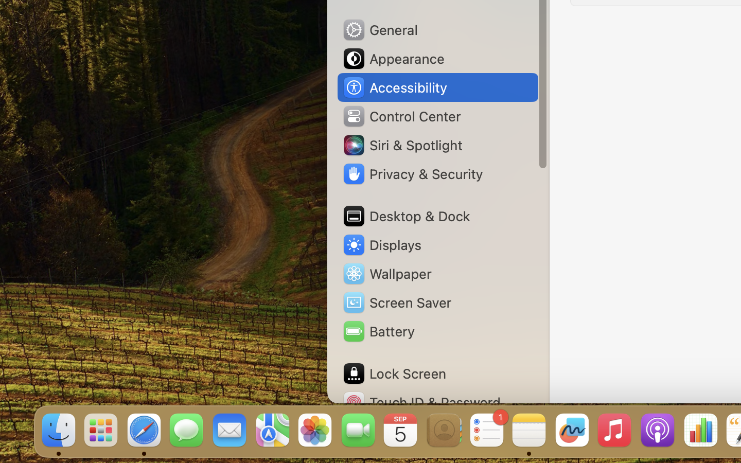 This screenshot has width=741, height=463. I want to click on 'Control Center', so click(401, 116).